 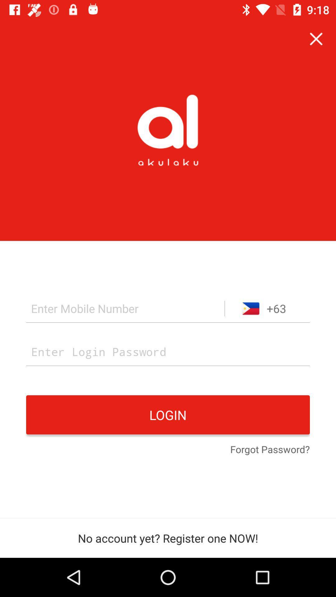 What do you see at coordinates (316, 39) in the screenshot?
I see `the icon above the +63 item` at bounding box center [316, 39].